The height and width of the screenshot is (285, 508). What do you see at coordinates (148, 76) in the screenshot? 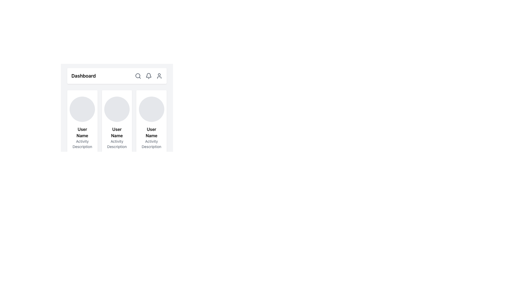
I see `the bell-shaped notification icon located in the top-right navigation bar` at bounding box center [148, 76].